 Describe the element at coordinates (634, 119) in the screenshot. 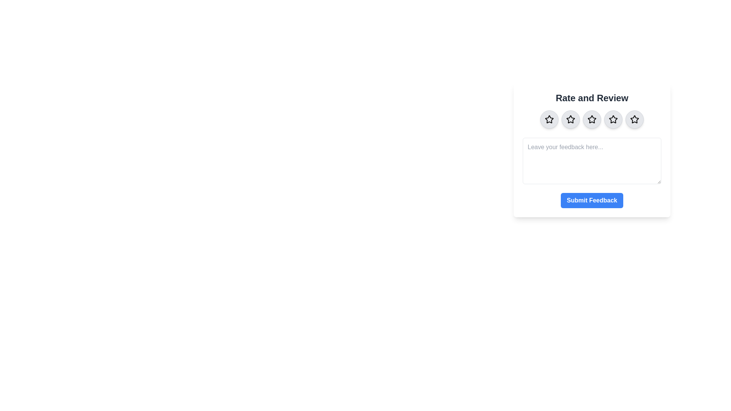

I see `the fifth star in the star rating element to provide a feedback rating` at that location.